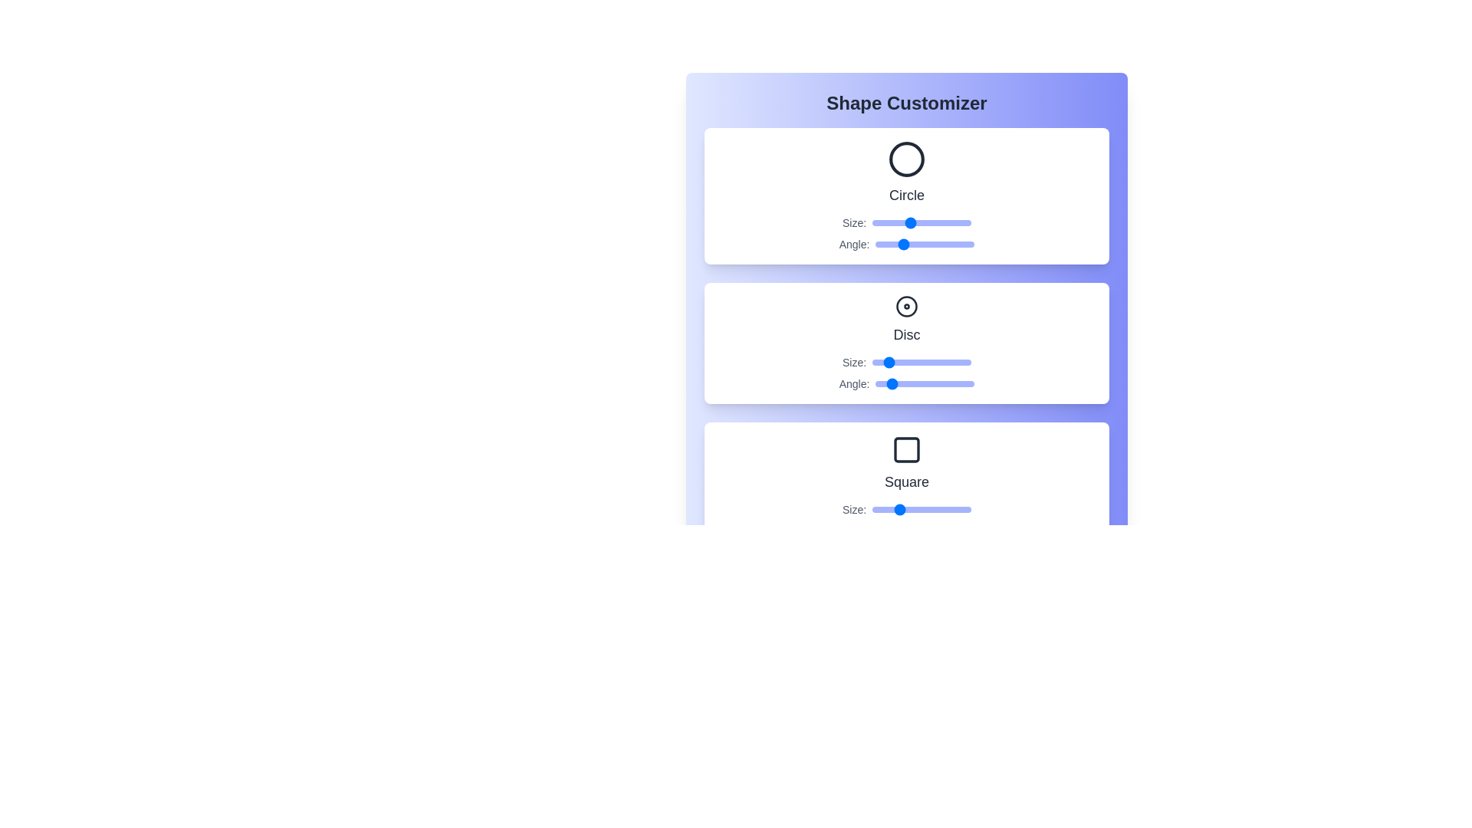  What do you see at coordinates (906, 103) in the screenshot?
I see `the heading text 'Shape Customizer' to interact with it` at bounding box center [906, 103].